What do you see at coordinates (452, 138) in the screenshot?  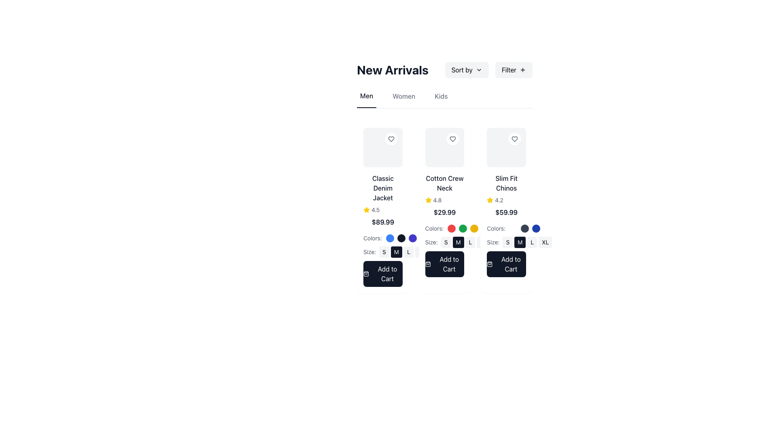 I see `the favorite icon button located at the top-right corner of the 'Cotton Crew Neck' product card to change its color` at bounding box center [452, 138].